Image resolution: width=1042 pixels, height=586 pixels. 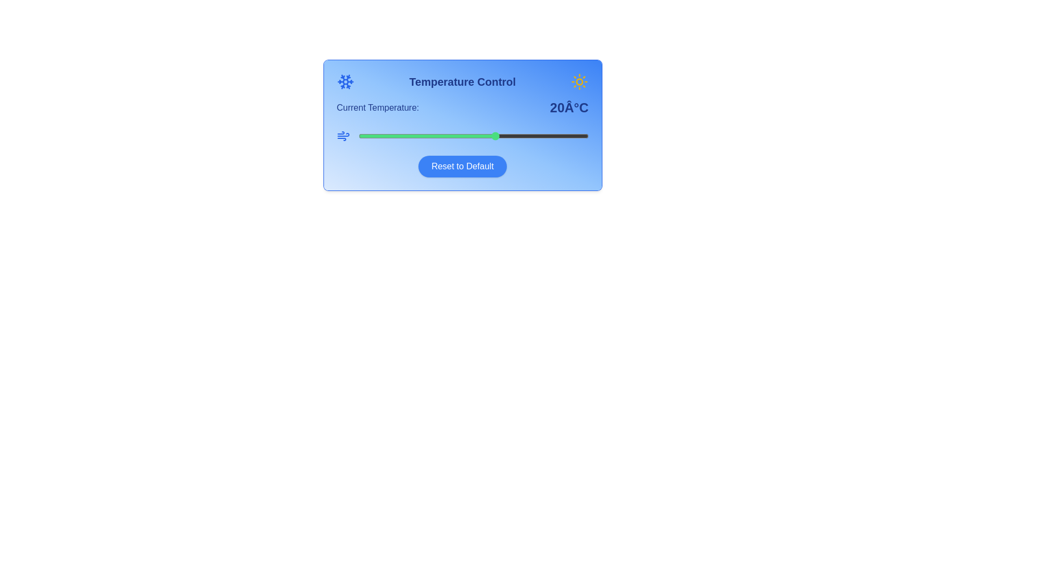 I want to click on the reset temperature settings button located at the bottom center of the temperature control interface, so click(x=462, y=167).